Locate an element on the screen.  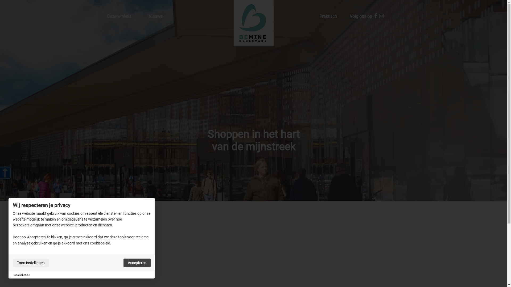
'Instagram' is located at coordinates (381, 16).